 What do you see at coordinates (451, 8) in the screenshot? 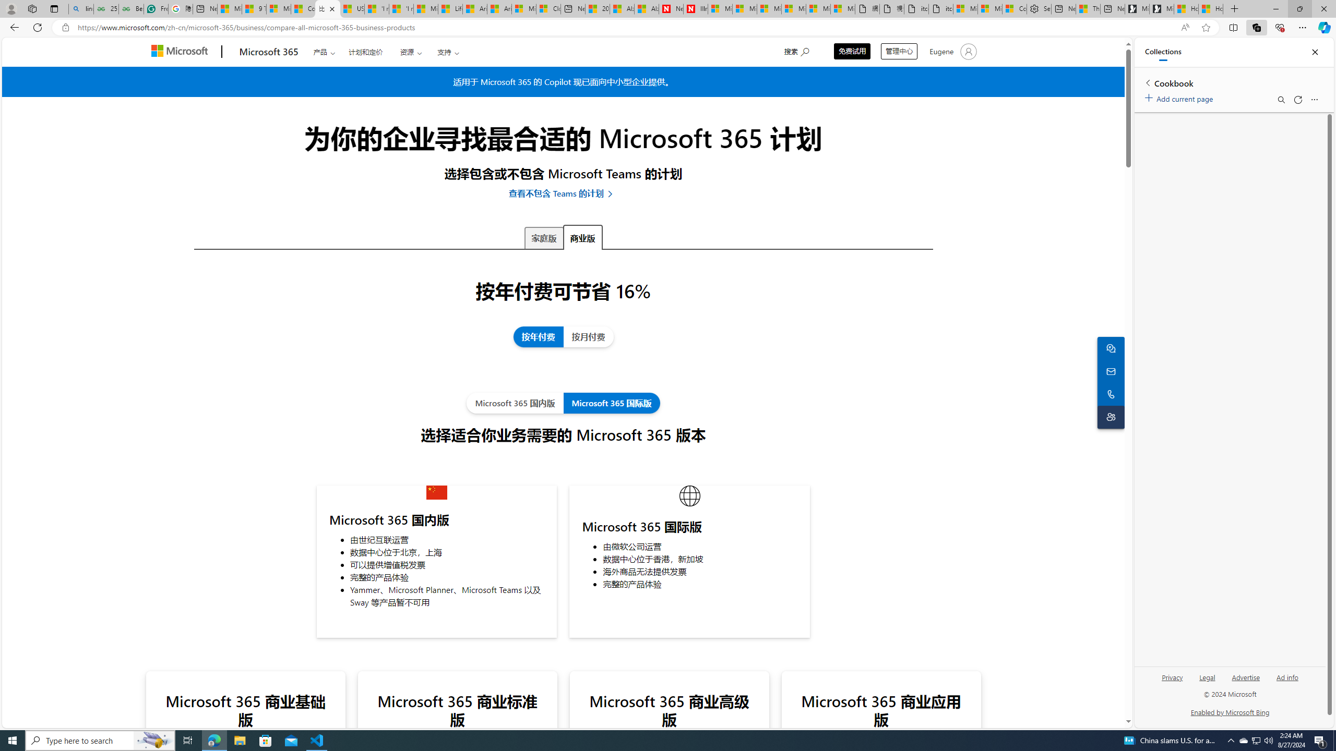
I see `'Lifestyle - MSN'` at bounding box center [451, 8].